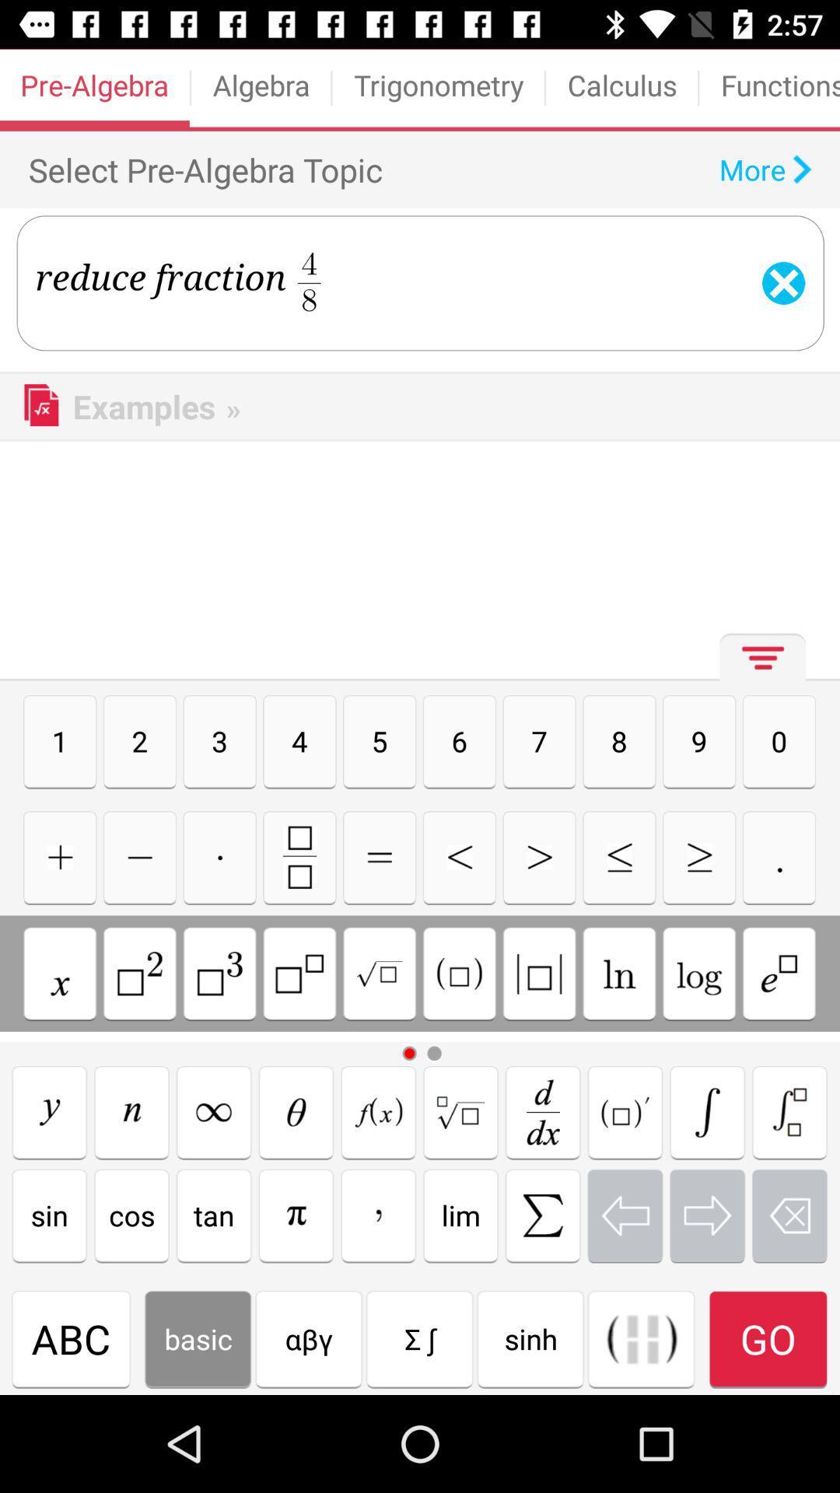 This screenshot has width=840, height=1493. I want to click on the arrow_backward icon, so click(624, 1215).